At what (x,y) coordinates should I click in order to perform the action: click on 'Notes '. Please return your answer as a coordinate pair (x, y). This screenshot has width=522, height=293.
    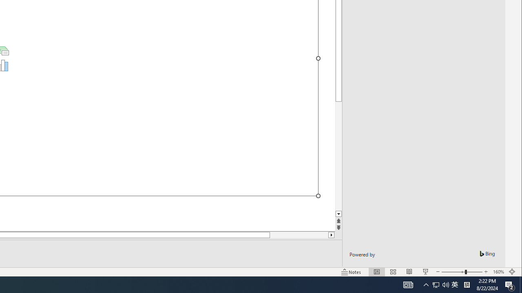
    Looking at the image, I should click on (351, 272).